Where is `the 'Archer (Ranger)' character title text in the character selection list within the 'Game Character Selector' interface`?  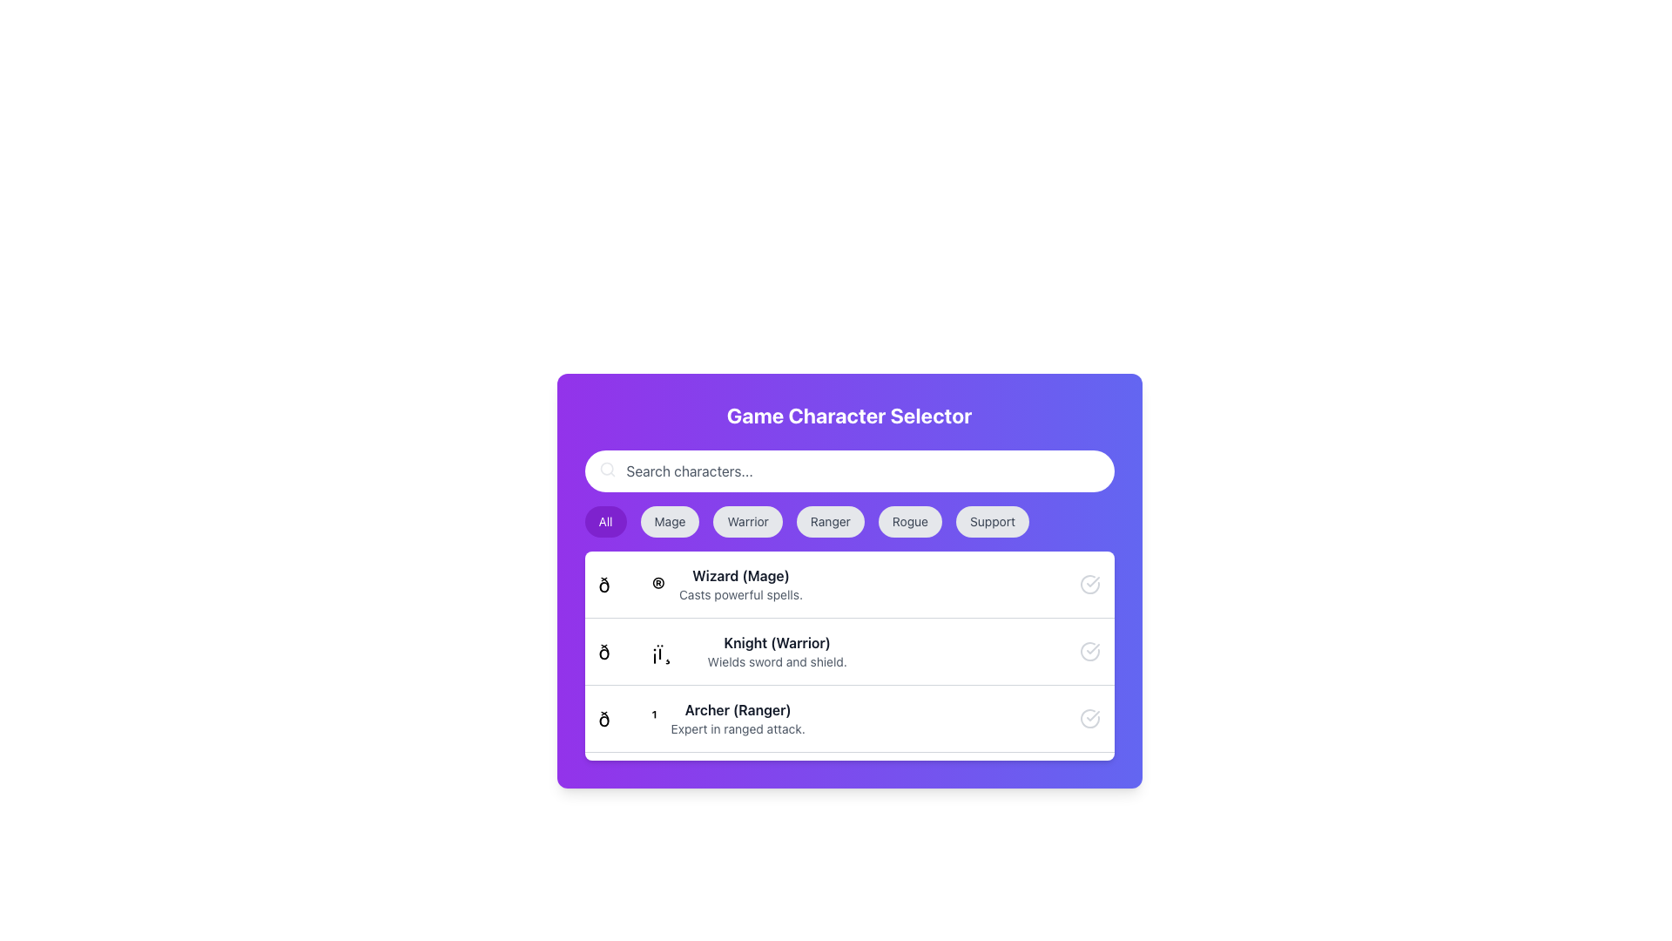 the 'Archer (Ranger)' character title text in the character selection list within the 'Game Character Selector' interface is located at coordinates (738, 709).